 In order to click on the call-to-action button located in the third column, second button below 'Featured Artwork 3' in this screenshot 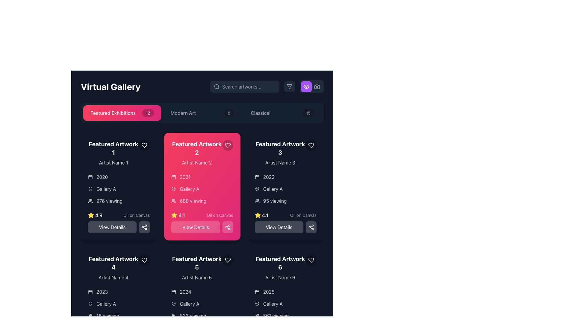, I will do `click(285, 227)`.